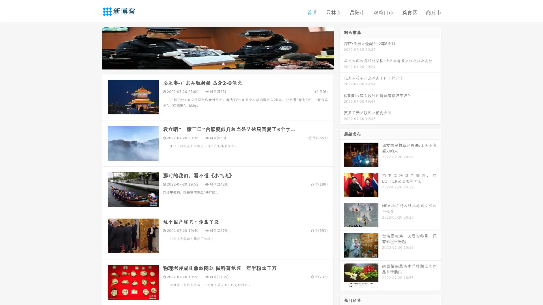  Describe the element at coordinates (93, 47) in the screenshot. I see `Previous slide` at that location.